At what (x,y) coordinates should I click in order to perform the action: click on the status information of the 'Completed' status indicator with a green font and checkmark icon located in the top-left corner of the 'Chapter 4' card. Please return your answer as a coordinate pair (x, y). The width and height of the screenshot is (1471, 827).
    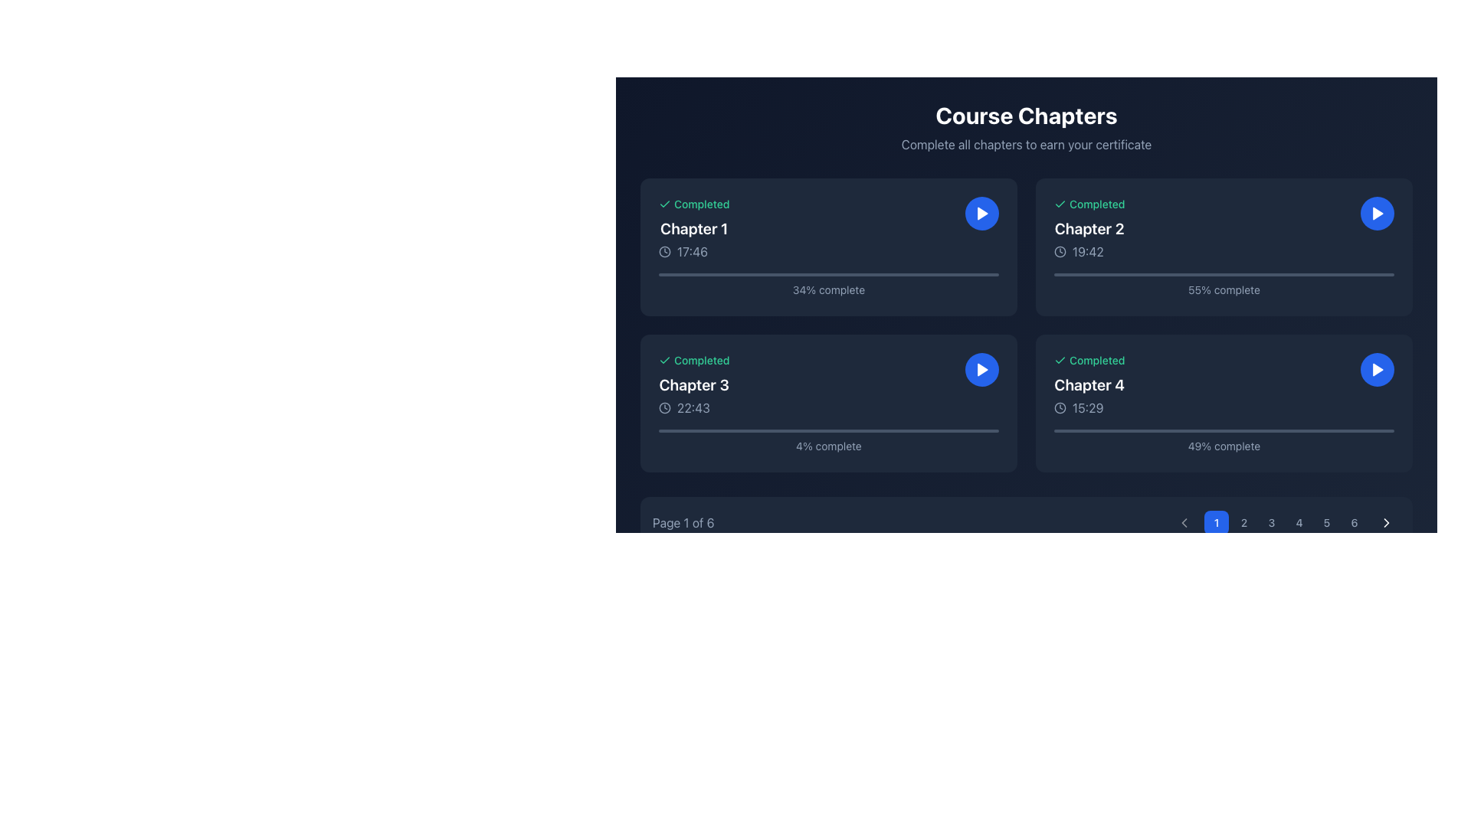
    Looking at the image, I should click on (1089, 360).